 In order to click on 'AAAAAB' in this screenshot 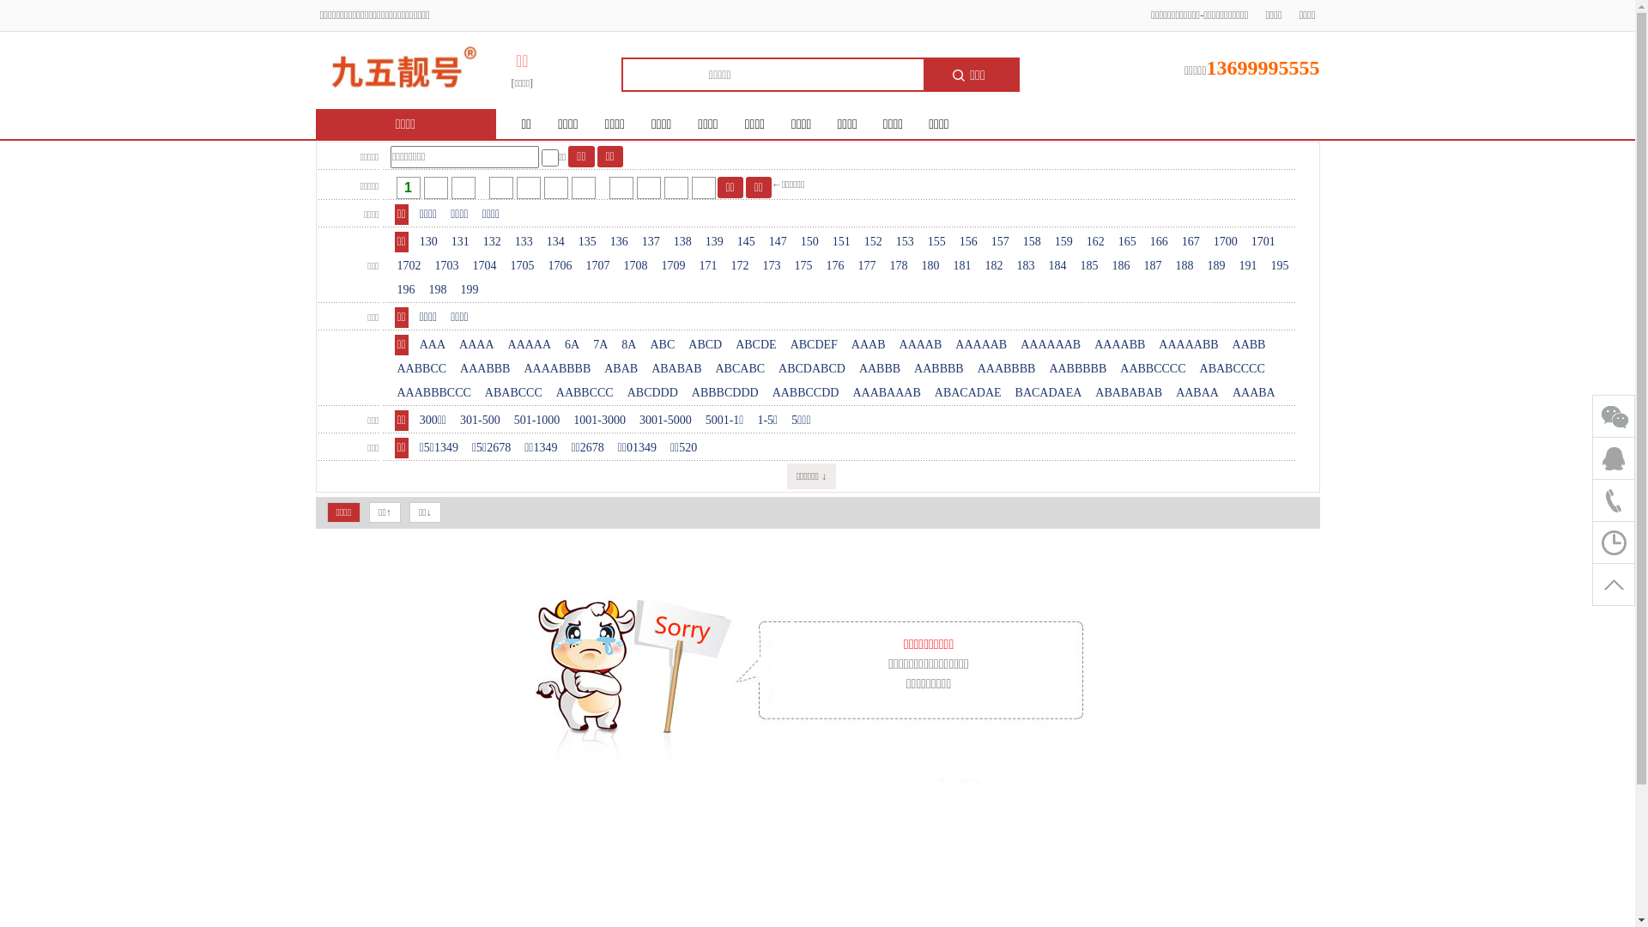, I will do `click(951, 344)`.